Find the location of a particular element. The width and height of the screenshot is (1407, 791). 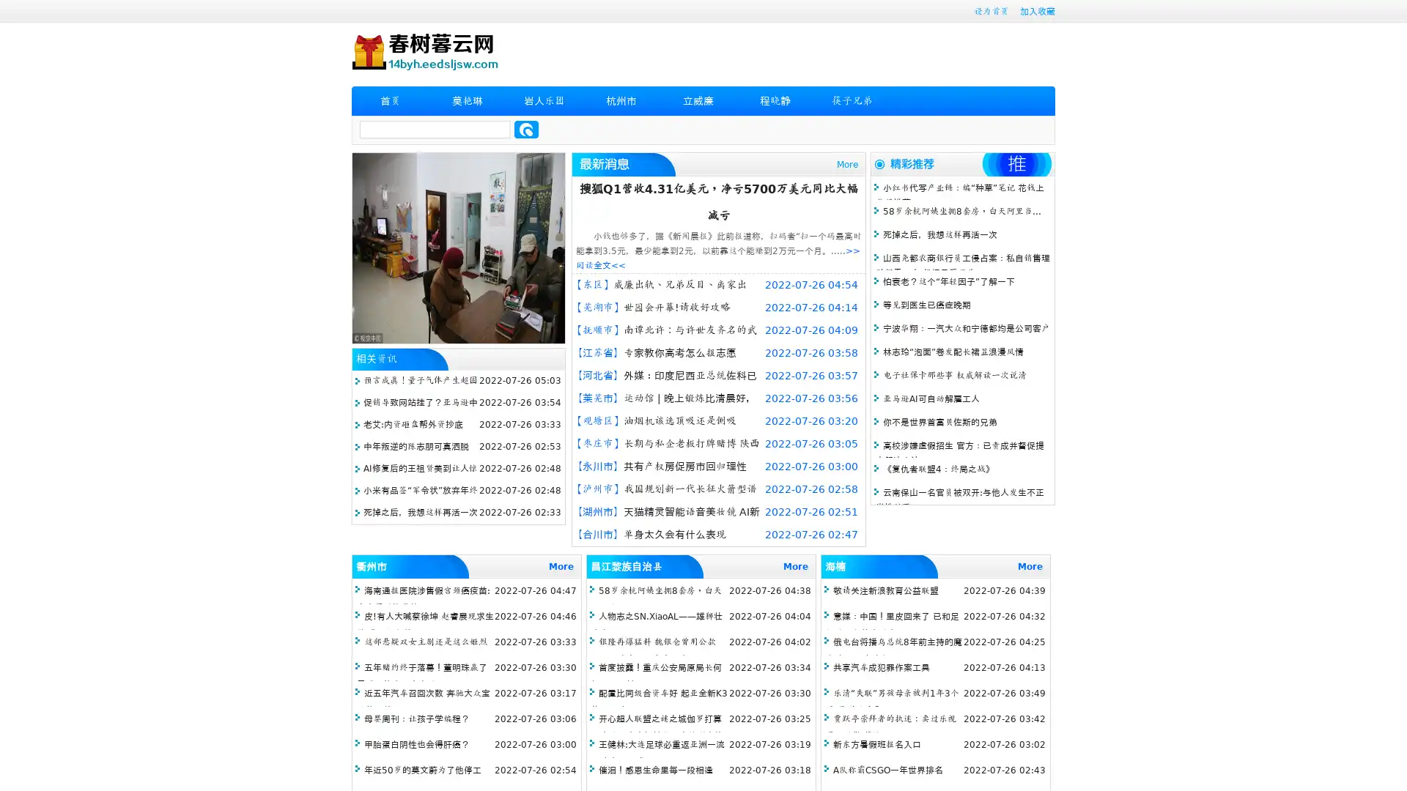

Search is located at coordinates (526, 129).